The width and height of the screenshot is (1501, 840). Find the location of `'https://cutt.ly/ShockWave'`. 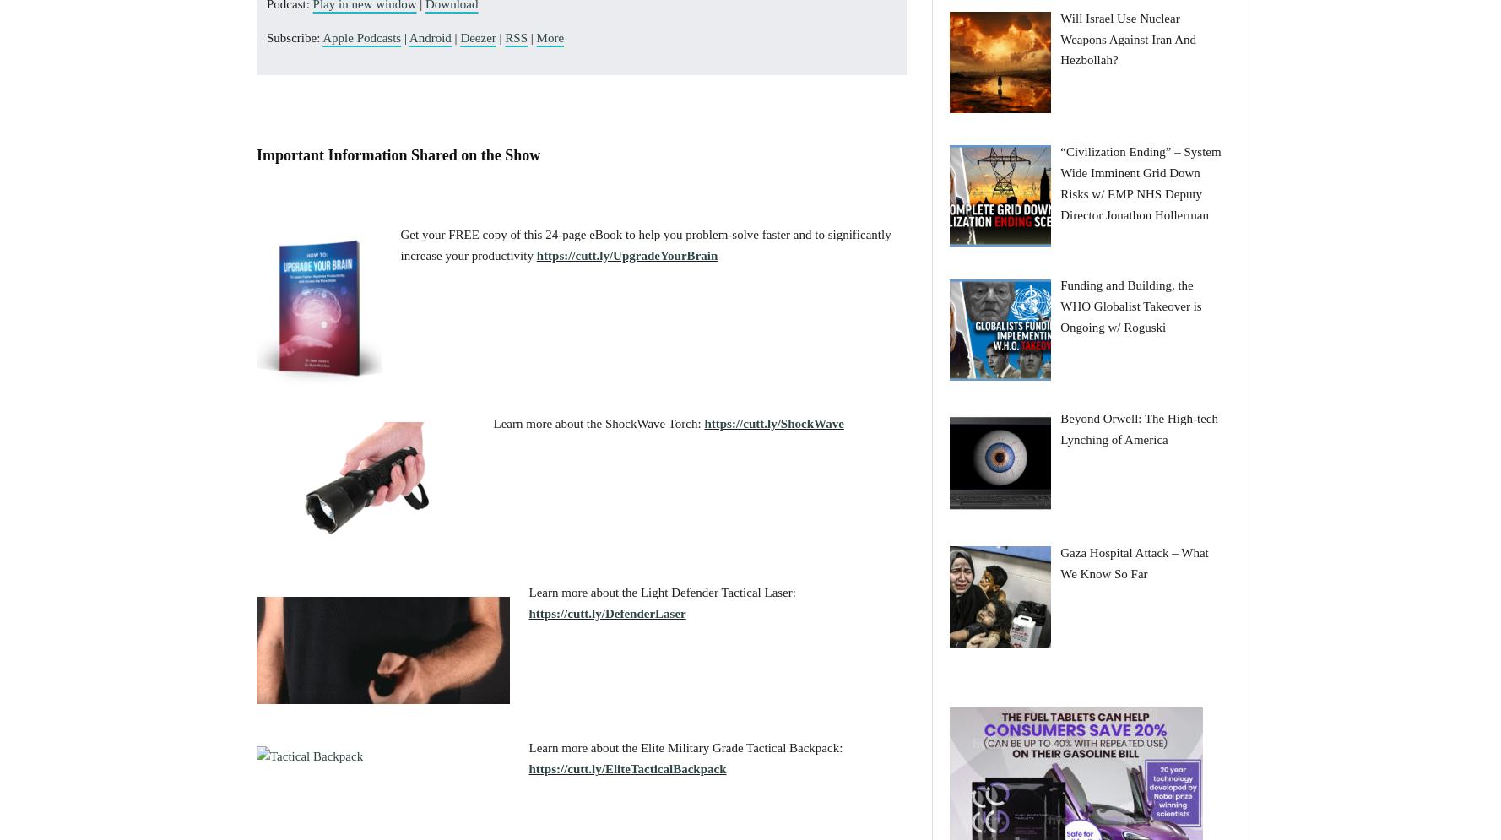

'https://cutt.ly/ShockWave' is located at coordinates (773, 422).